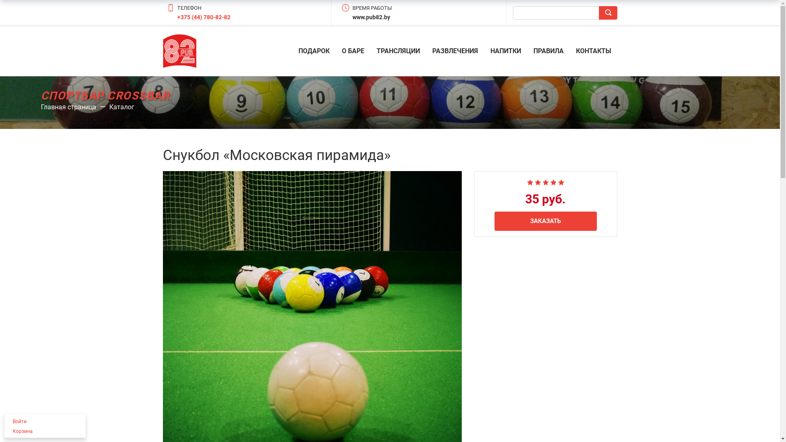 Image resolution: width=786 pixels, height=442 pixels. I want to click on '1', so click(530, 181).